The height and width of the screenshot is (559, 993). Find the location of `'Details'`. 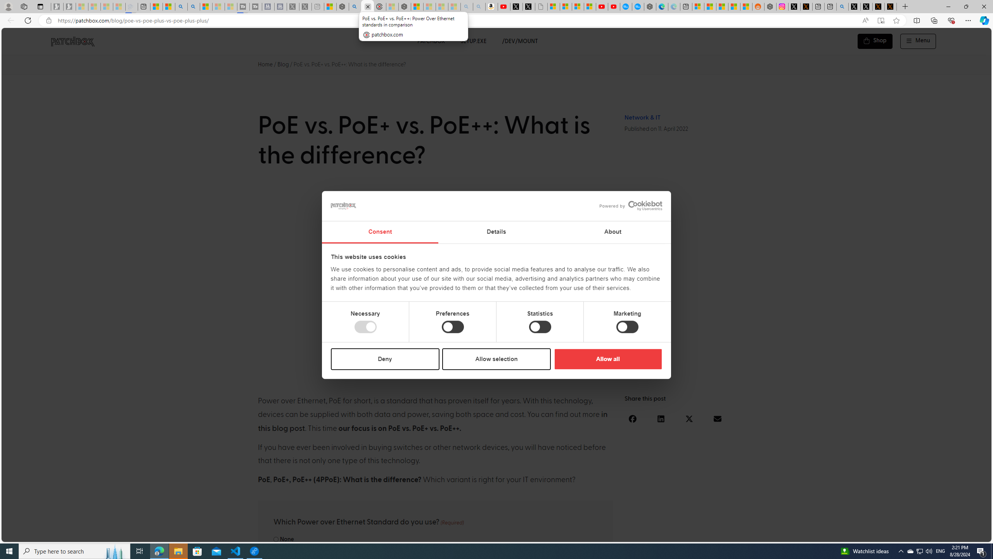

'Details' is located at coordinates (496, 232).